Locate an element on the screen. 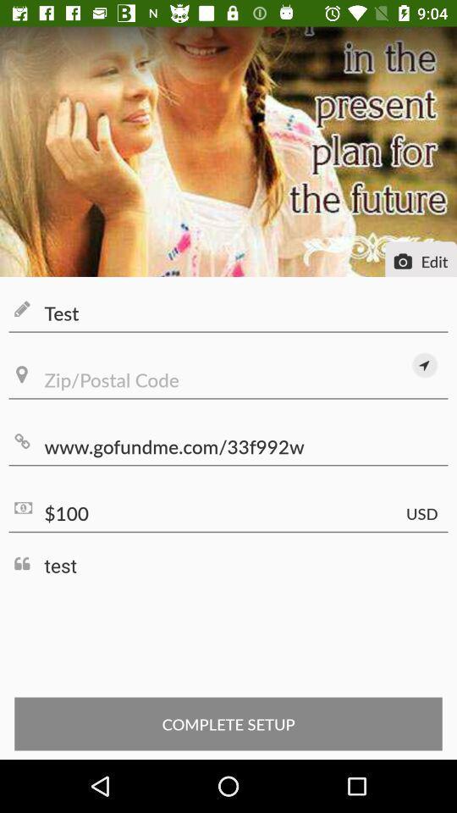 The width and height of the screenshot is (457, 813). item above www gofundme com item is located at coordinates (228, 380).